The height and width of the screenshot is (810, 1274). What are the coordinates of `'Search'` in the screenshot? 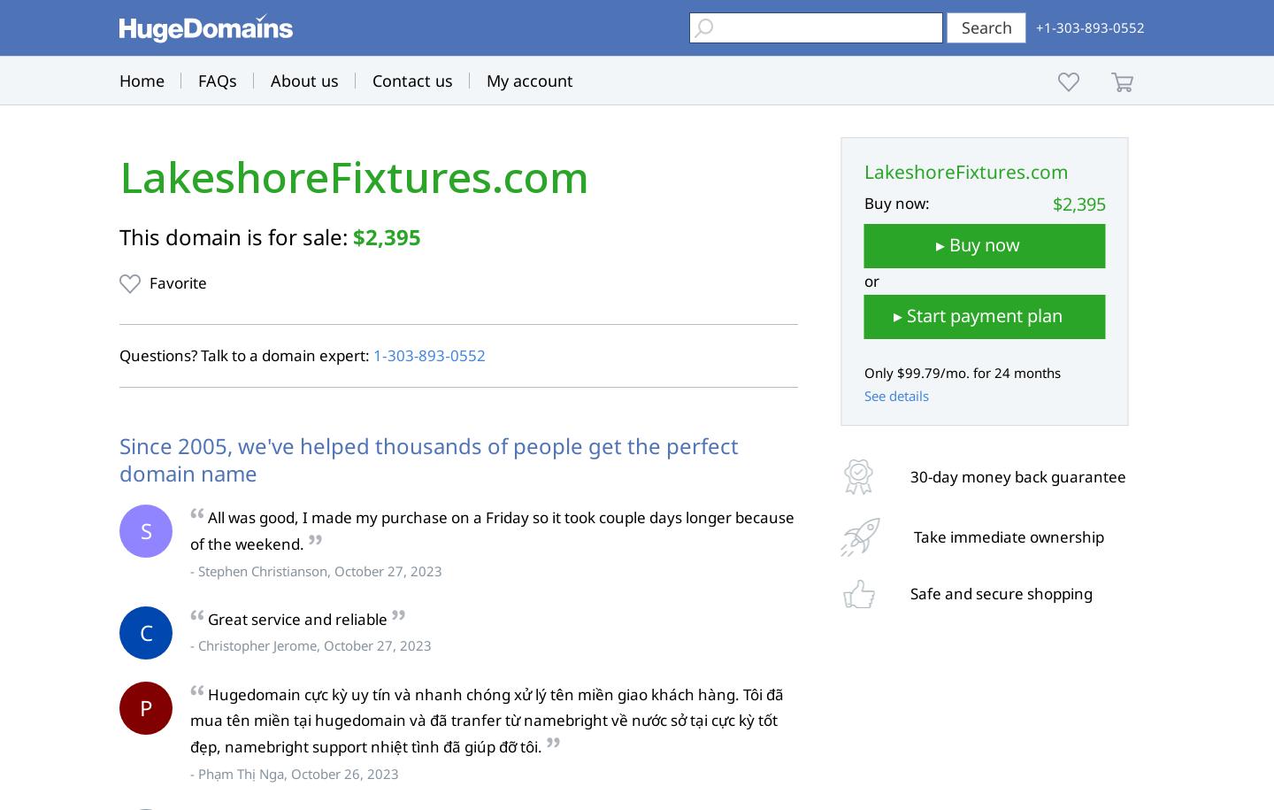 It's located at (985, 27).